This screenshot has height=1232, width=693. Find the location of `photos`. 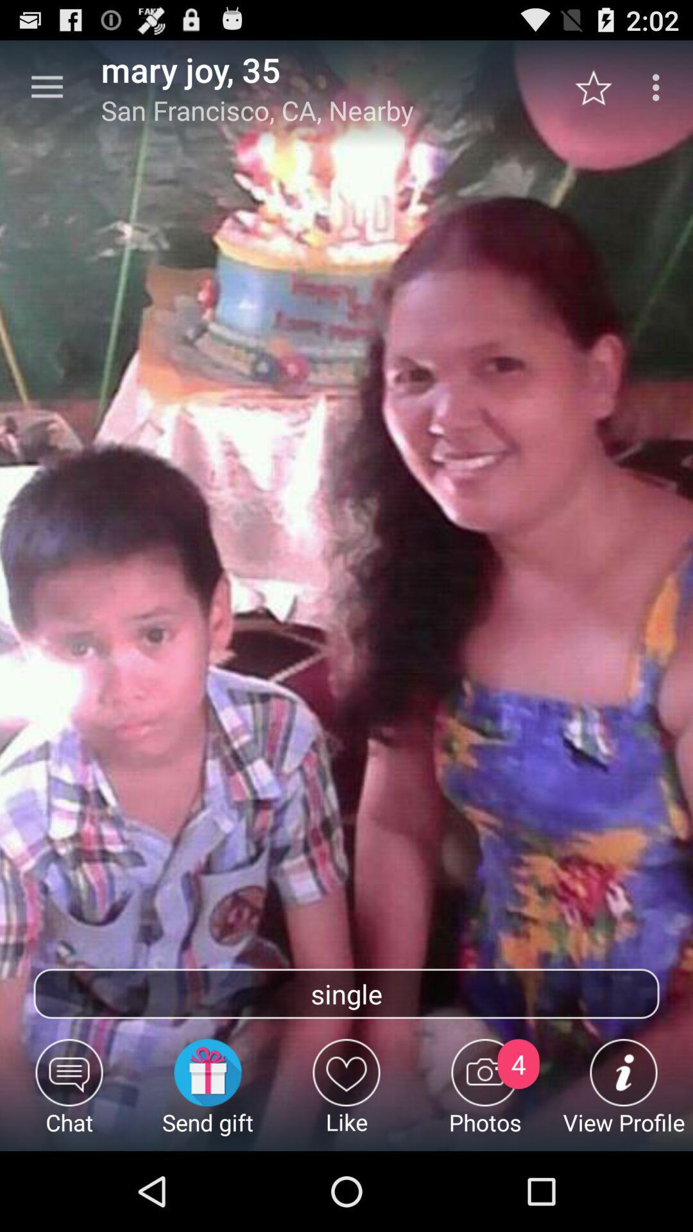

photos is located at coordinates (485, 1094).